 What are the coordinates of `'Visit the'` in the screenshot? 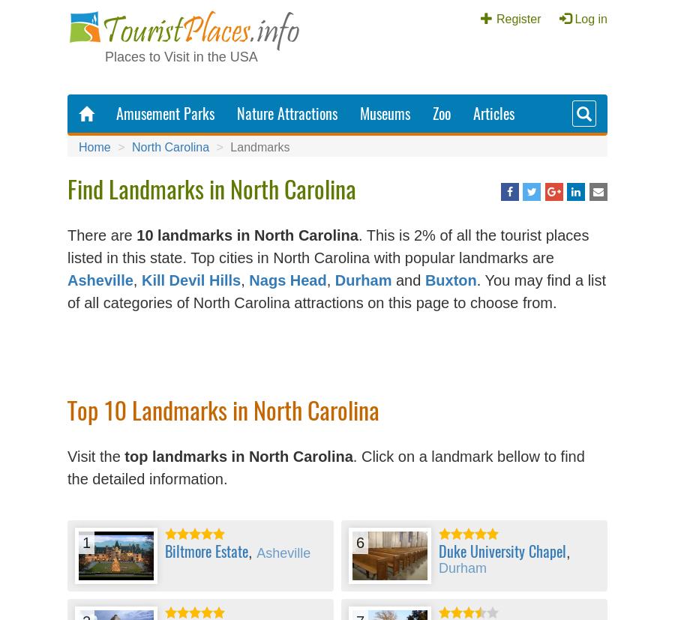 It's located at (95, 456).